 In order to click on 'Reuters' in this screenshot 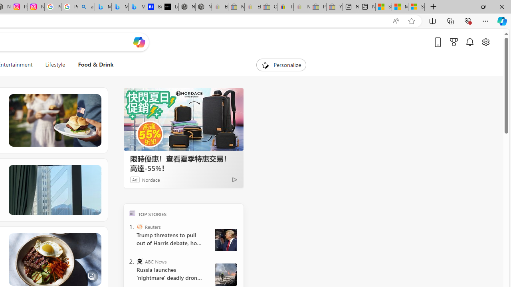, I will do `click(140, 226)`.